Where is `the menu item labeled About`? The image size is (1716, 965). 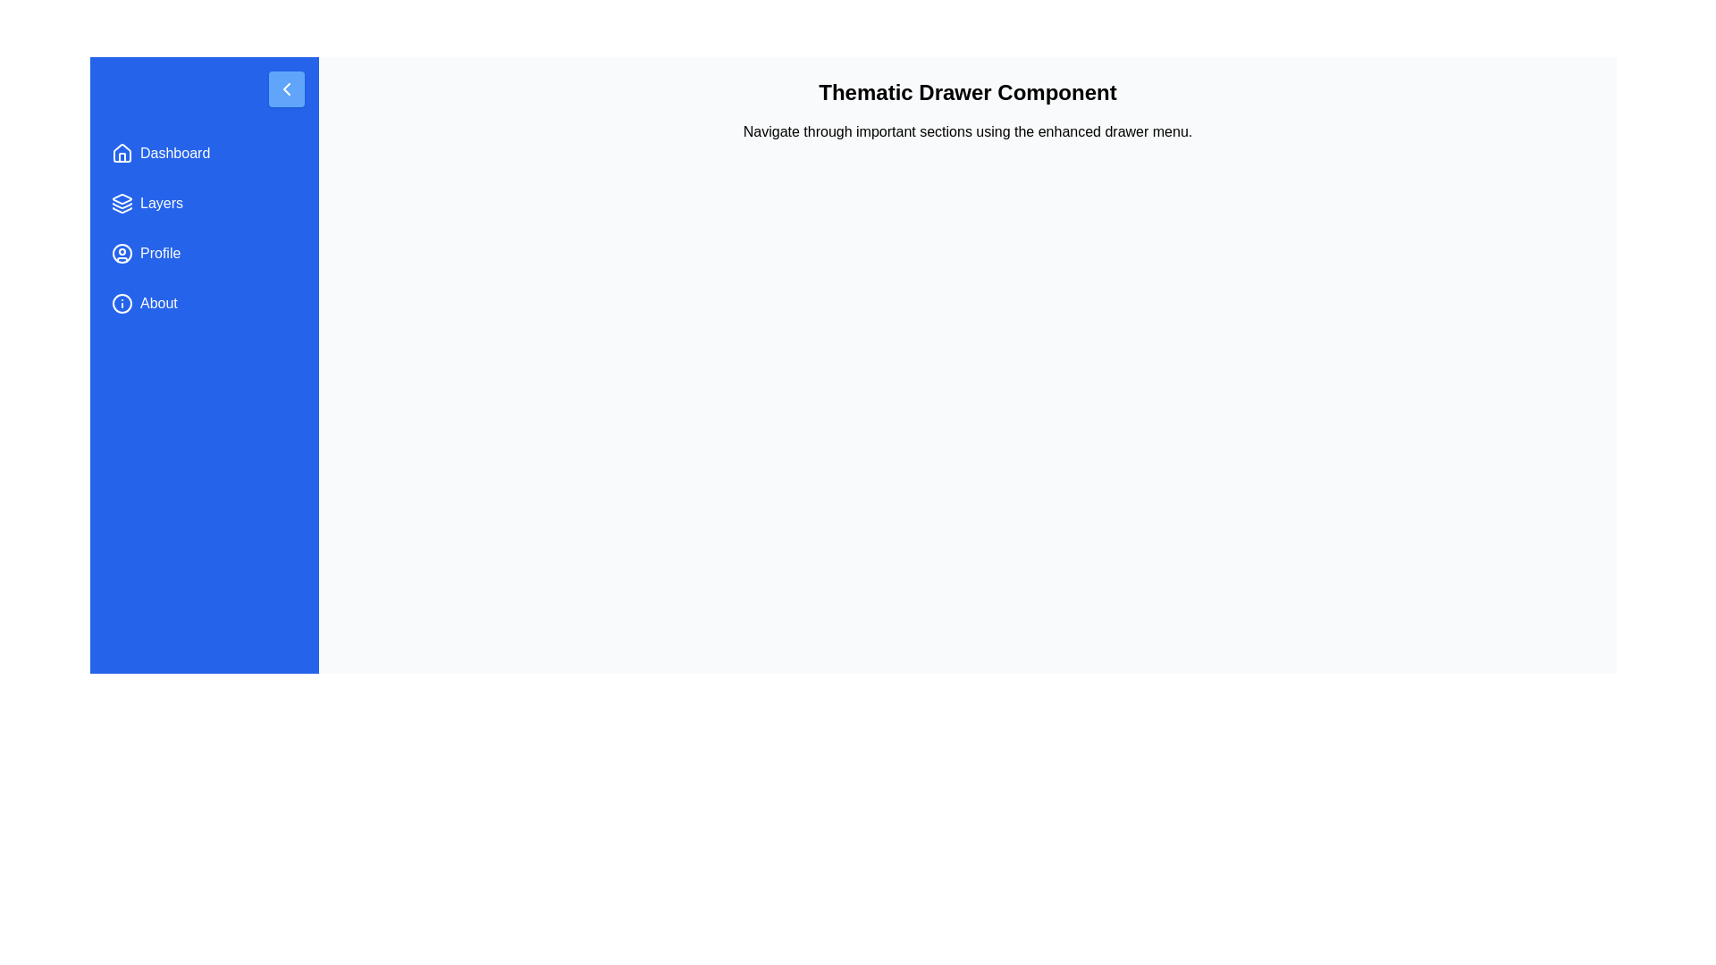
the menu item labeled About is located at coordinates (205, 302).